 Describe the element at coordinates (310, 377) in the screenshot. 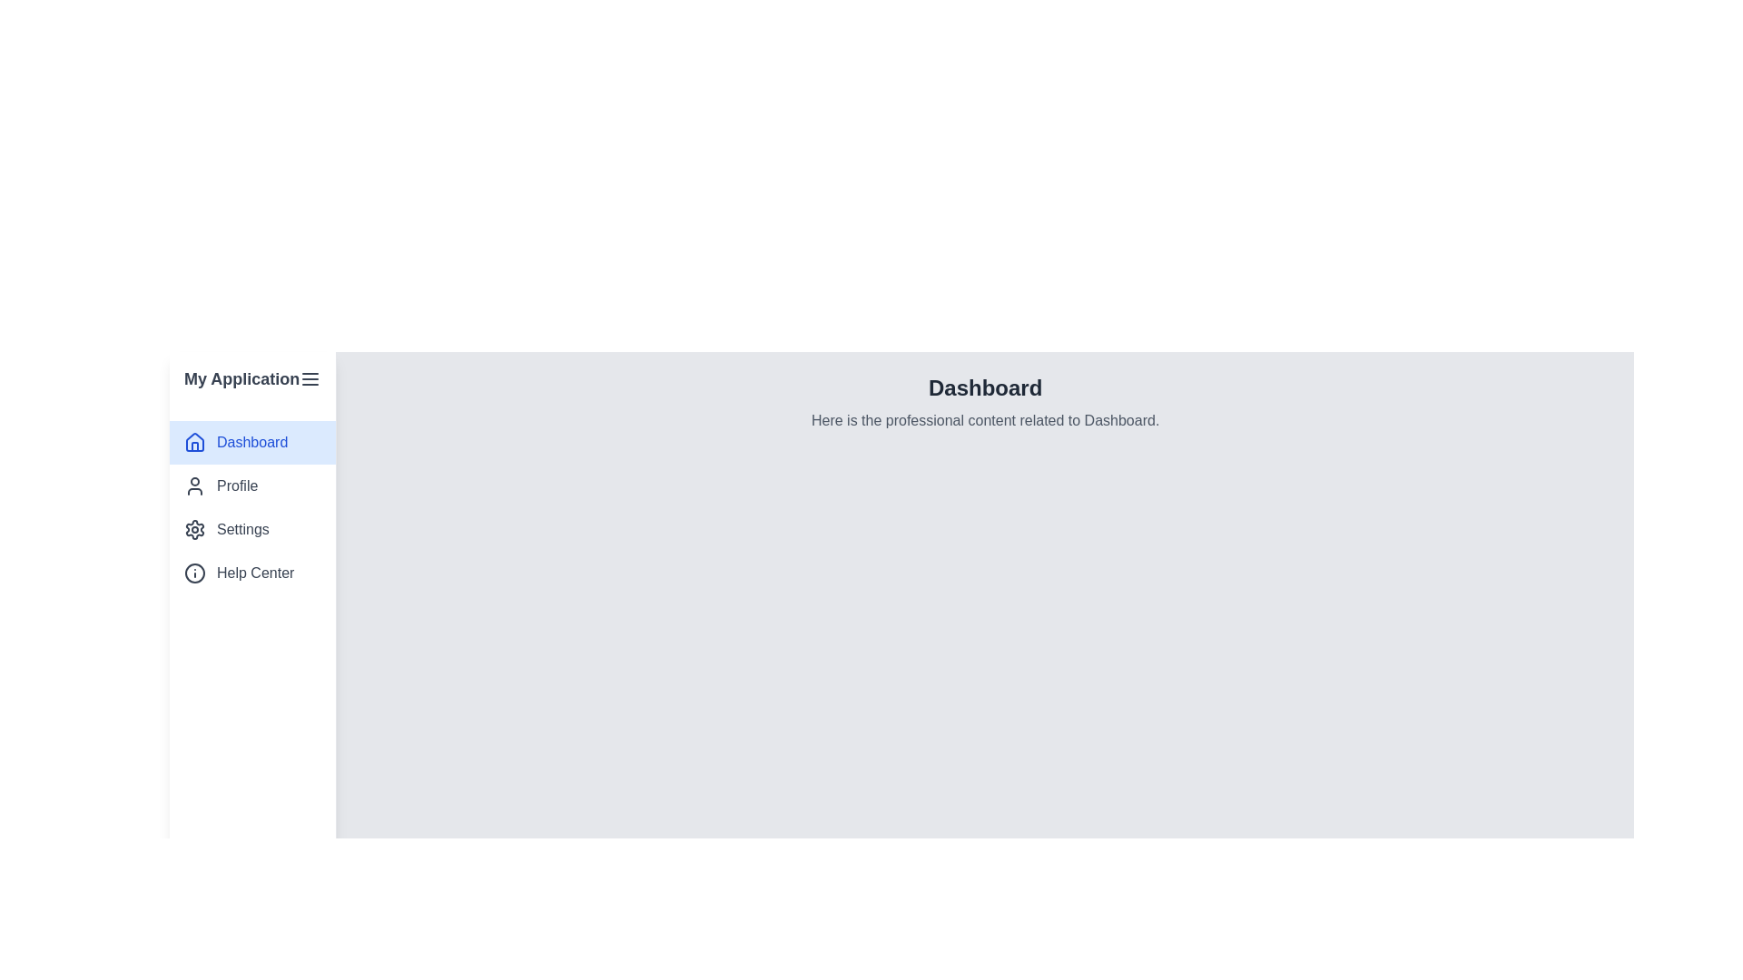

I see `the hamburger menu icon located on the right side of the top navigation bar, adjacent to the 'My Application' branding text` at that location.